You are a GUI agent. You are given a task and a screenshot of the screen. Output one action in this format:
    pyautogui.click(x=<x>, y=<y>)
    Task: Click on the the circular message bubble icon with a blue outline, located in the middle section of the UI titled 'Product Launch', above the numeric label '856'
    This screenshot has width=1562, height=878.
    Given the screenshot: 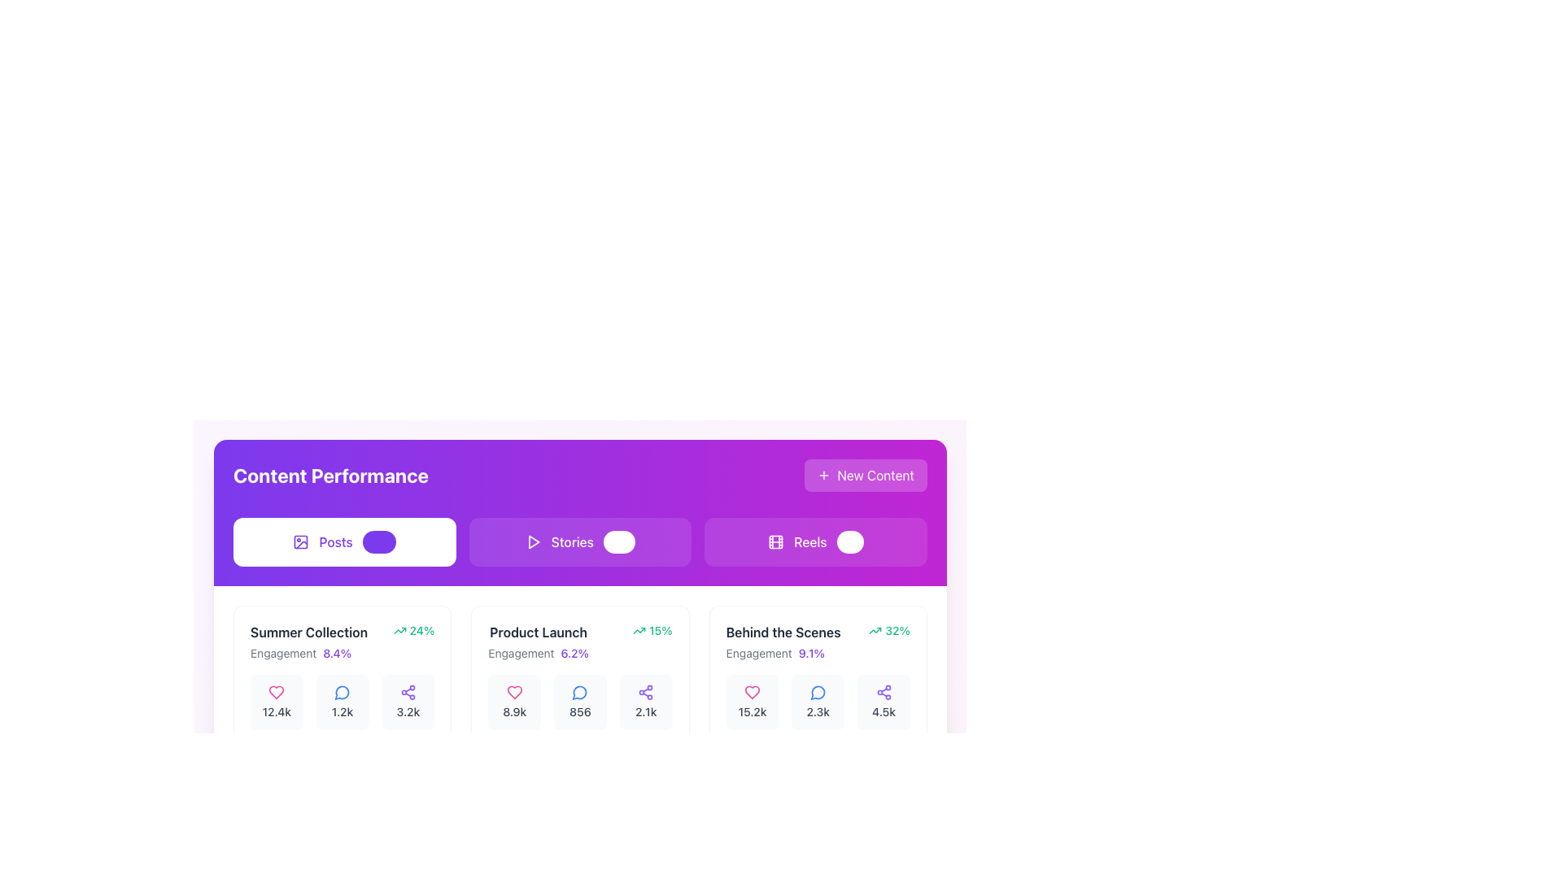 What is the action you would take?
    pyautogui.click(x=580, y=693)
    